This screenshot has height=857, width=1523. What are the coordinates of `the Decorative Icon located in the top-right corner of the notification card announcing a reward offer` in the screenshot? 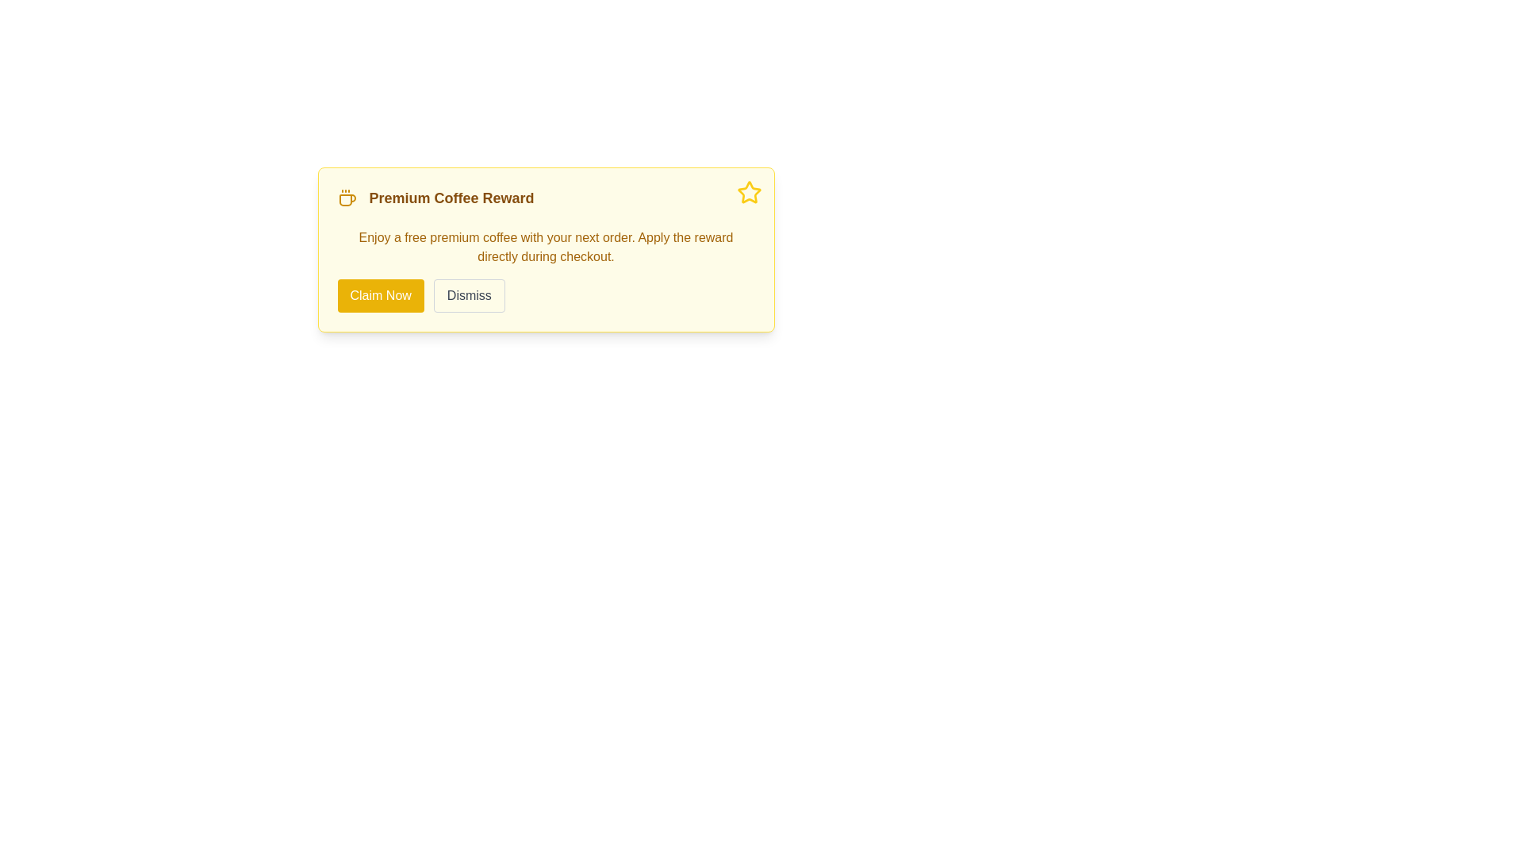 It's located at (748, 192).